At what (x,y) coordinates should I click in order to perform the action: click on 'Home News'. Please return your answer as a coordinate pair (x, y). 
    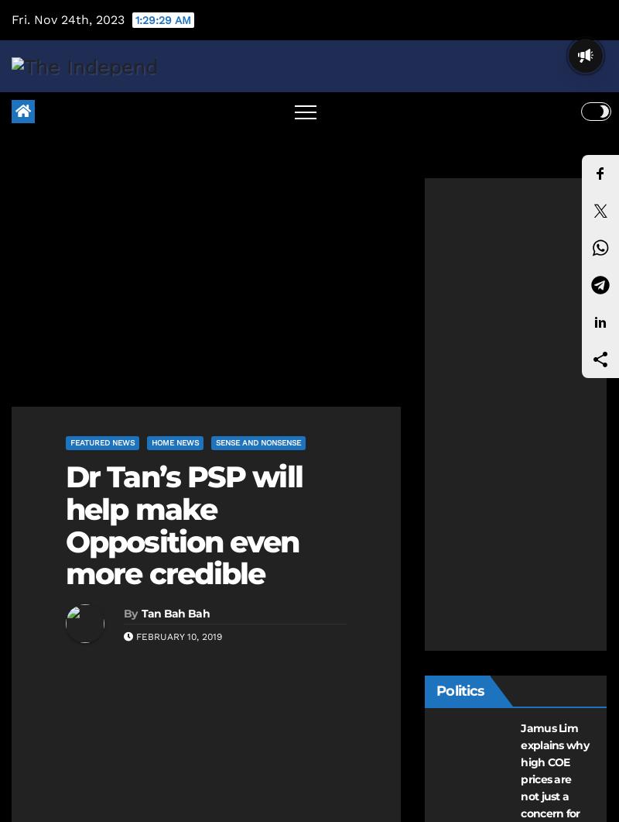
    Looking at the image, I should click on (175, 442).